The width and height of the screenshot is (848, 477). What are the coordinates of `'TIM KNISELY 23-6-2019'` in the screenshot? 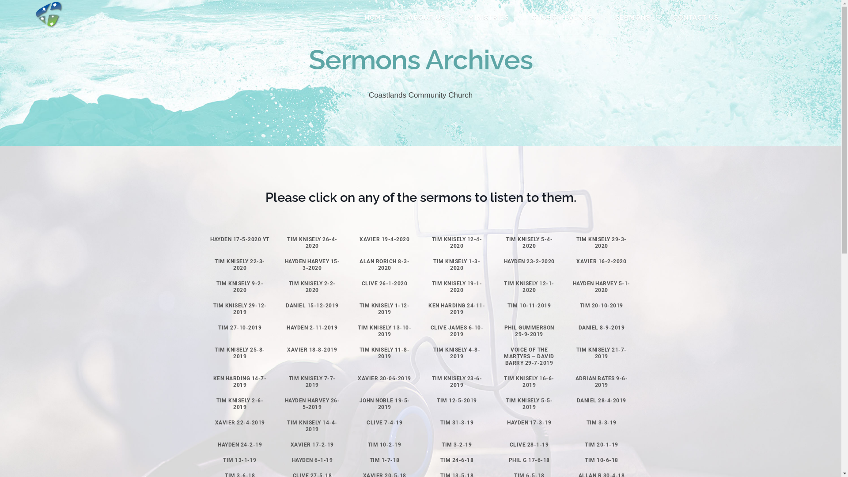 It's located at (457, 381).